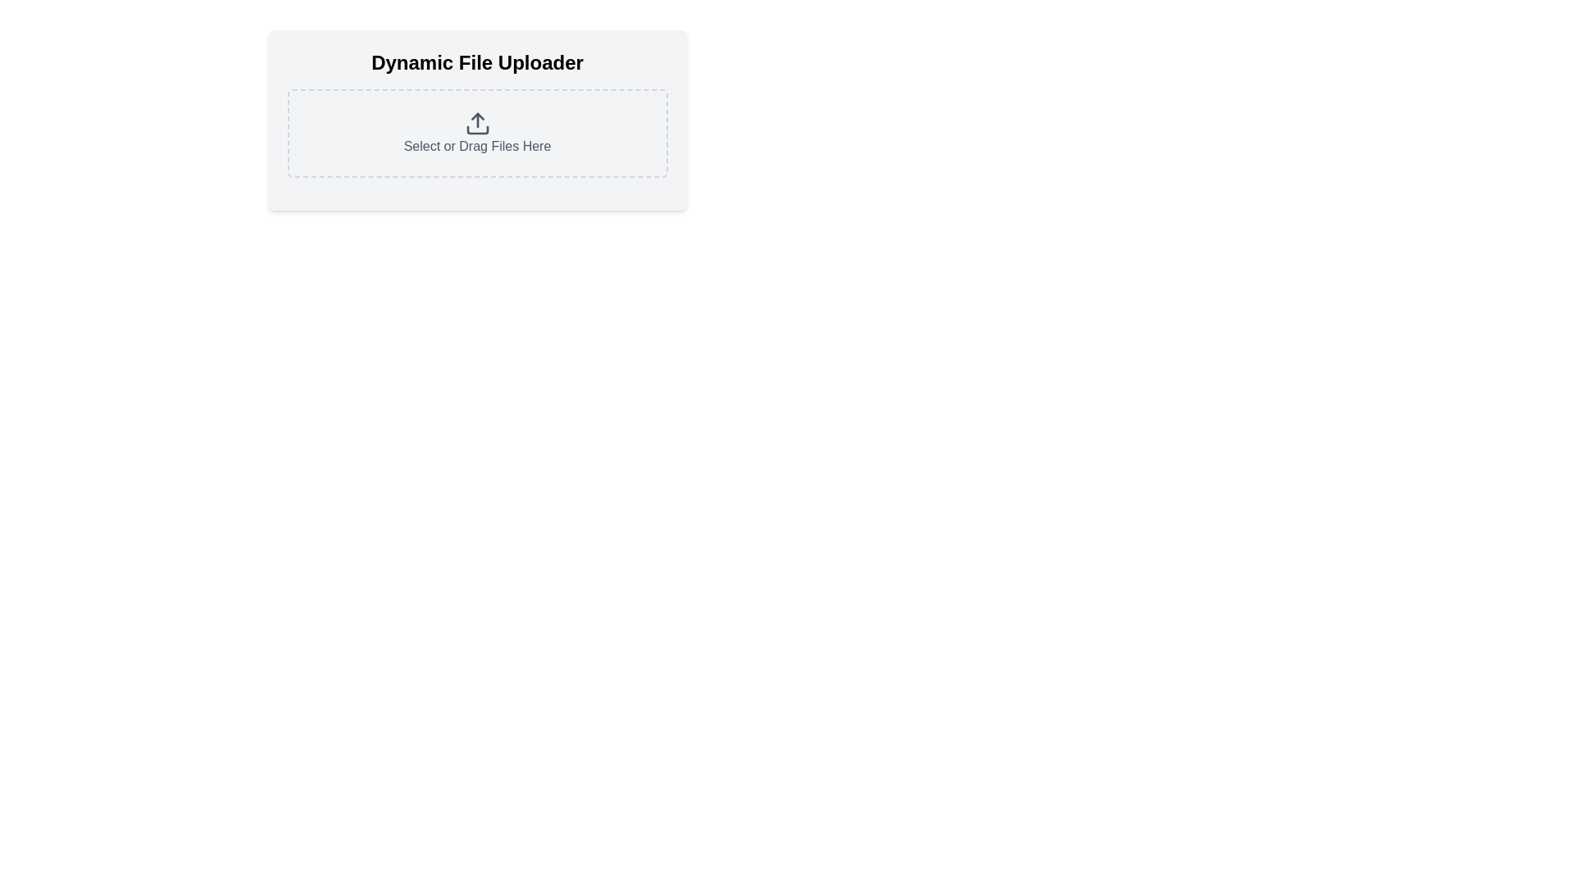 The height and width of the screenshot is (885, 1574). Describe the element at coordinates (476, 132) in the screenshot. I see `files onto the file input field with a light gray background and dashed borders, which contains the text 'Select or Drag Files Here'` at that location.